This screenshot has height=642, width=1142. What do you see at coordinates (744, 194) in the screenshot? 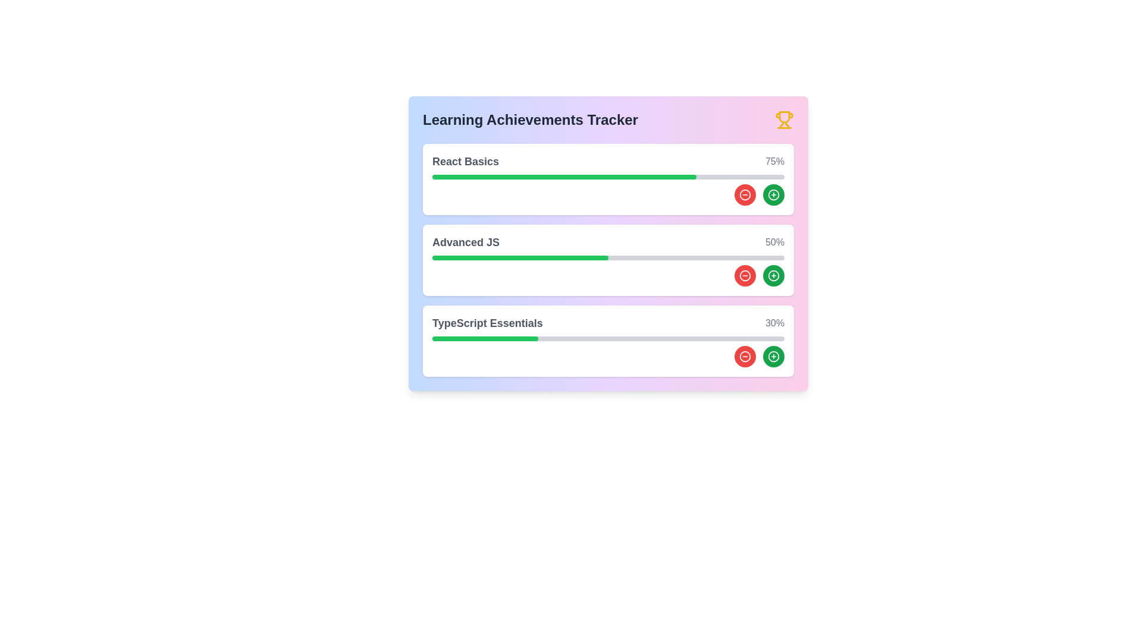
I see `the first circular button located to the left of the green plus icon button in the React Basics progress bar` at bounding box center [744, 194].